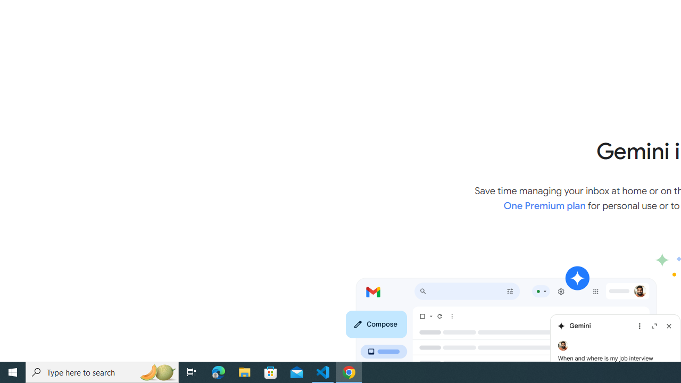  Describe the element at coordinates (191, 371) in the screenshot. I see `'Task View'` at that location.